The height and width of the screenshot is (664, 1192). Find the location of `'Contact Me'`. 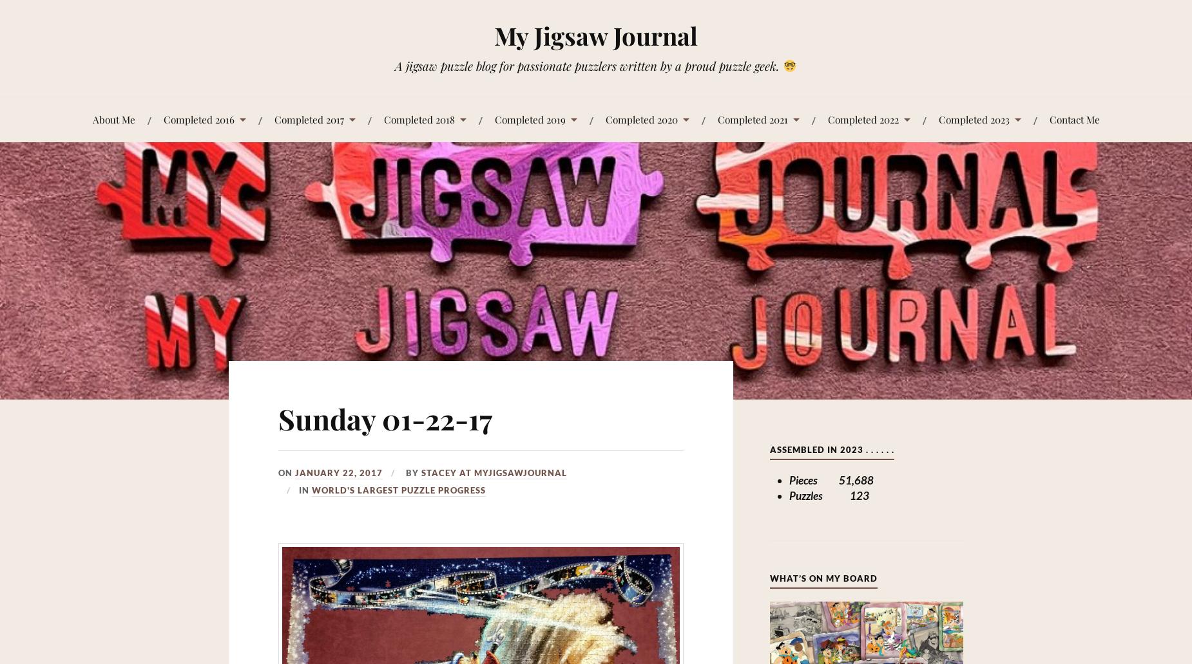

'Contact Me' is located at coordinates (1049, 118).